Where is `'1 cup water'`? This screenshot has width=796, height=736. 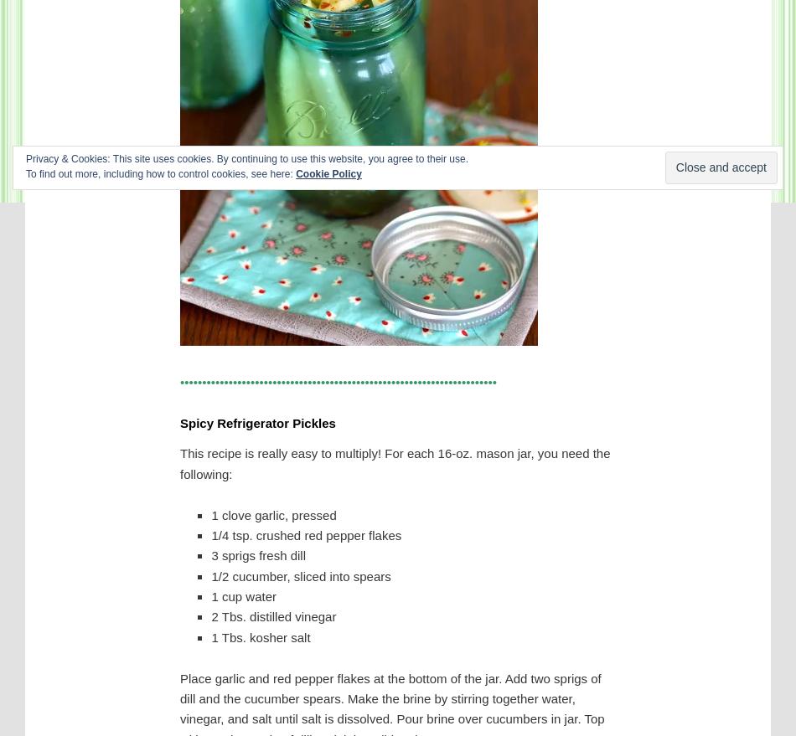
'1 cup water' is located at coordinates (242, 596).